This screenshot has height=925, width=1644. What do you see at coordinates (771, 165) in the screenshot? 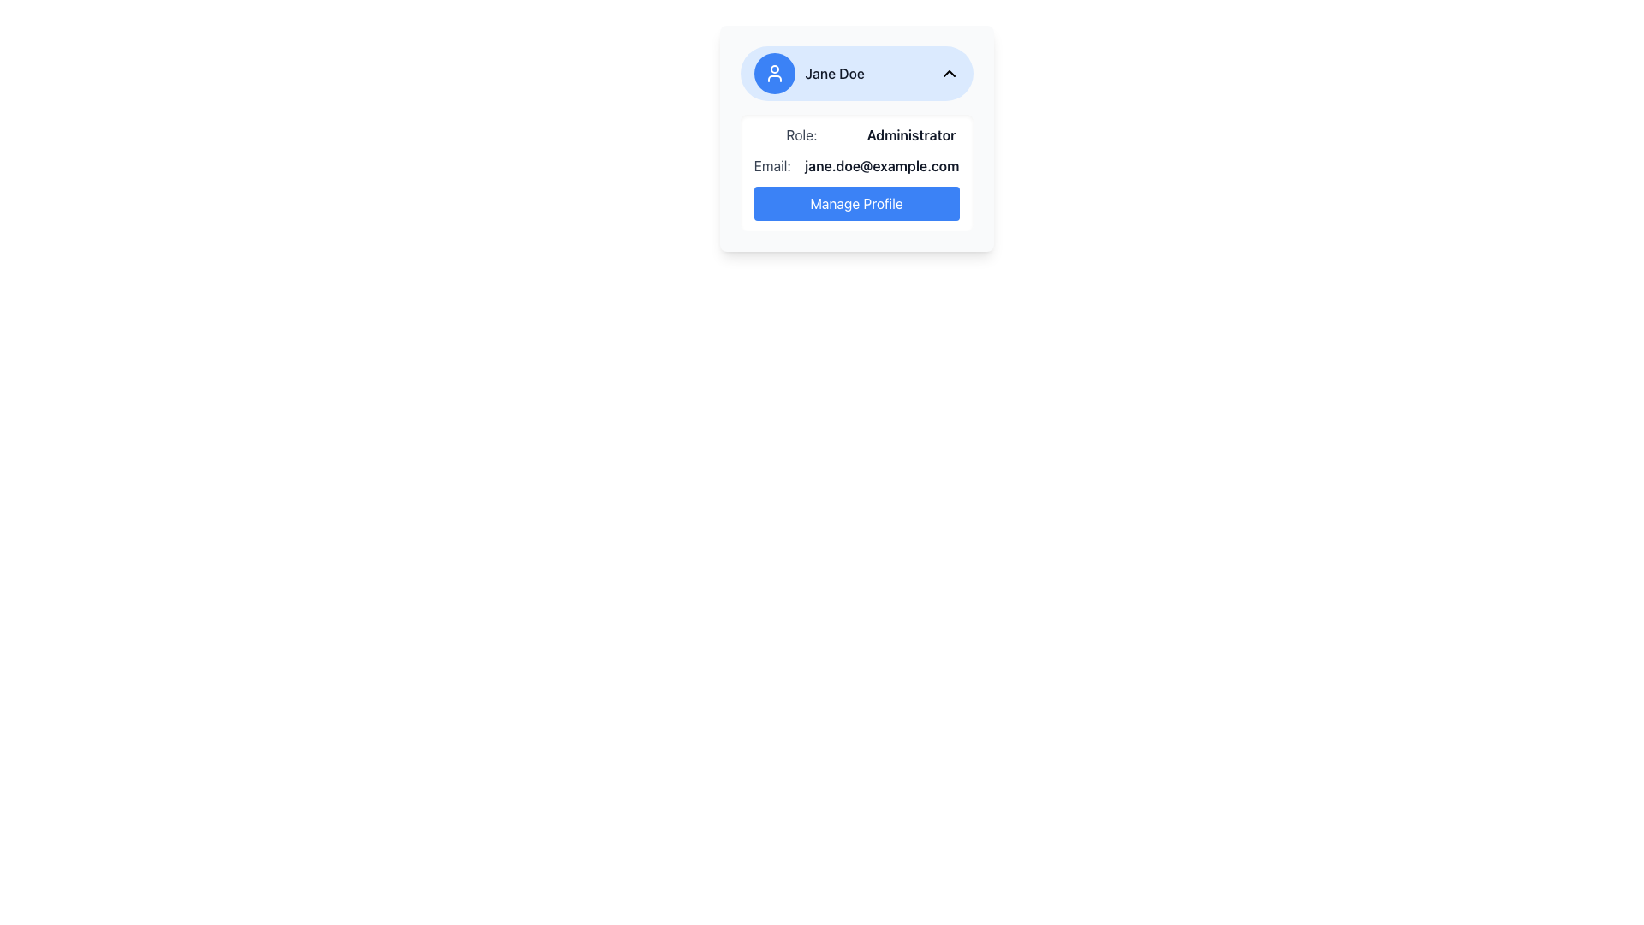
I see `the label text that indicates the meaning of the adjacent email address text field, which is located to the left of the email address 'jane.doe@example.com'` at bounding box center [771, 165].